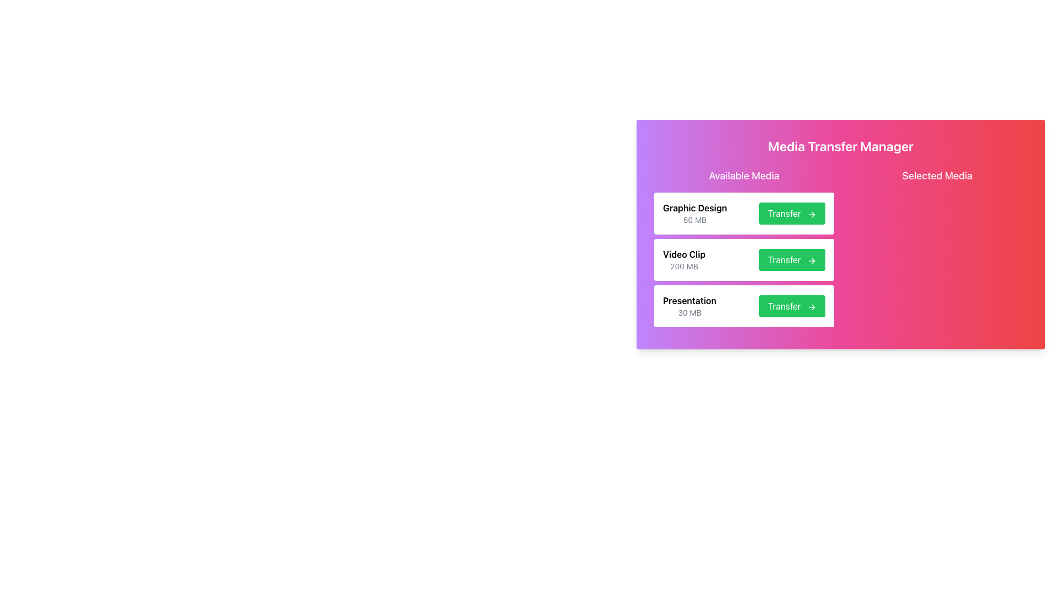 The width and height of the screenshot is (1060, 596). I want to click on the 'Presentation' transfer button located in the 'Media Transfer Manager' section, positioned in the bottom part of the right-aligned card, so click(792, 306).